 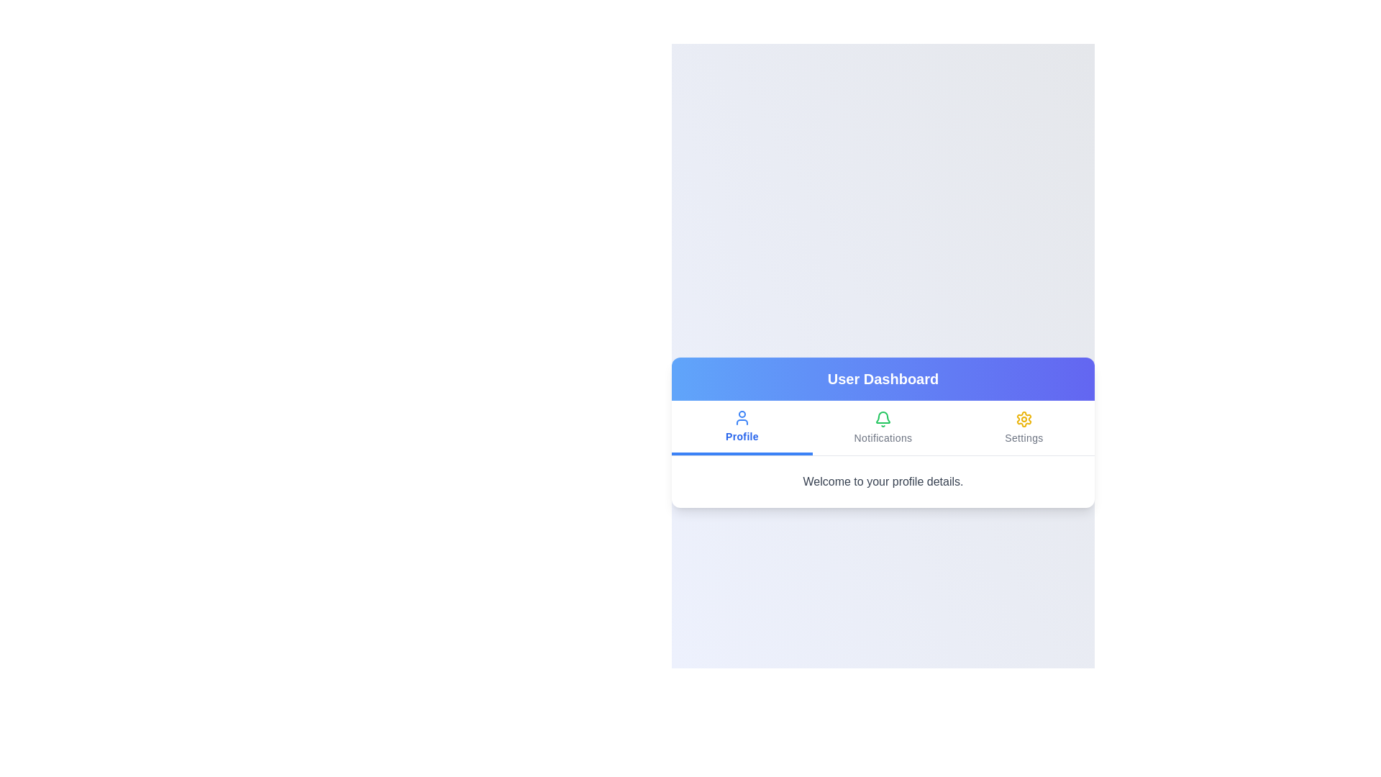 I want to click on the Notifications tab, so click(x=883, y=427).